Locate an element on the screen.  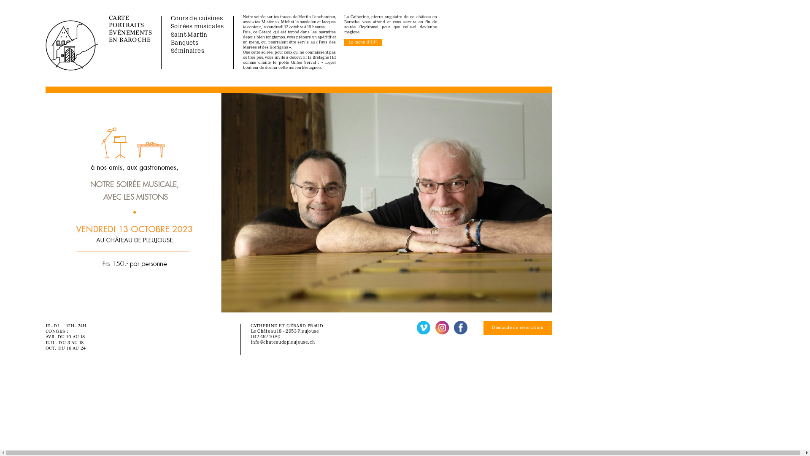
'Saint-Martin' is located at coordinates (170, 35).